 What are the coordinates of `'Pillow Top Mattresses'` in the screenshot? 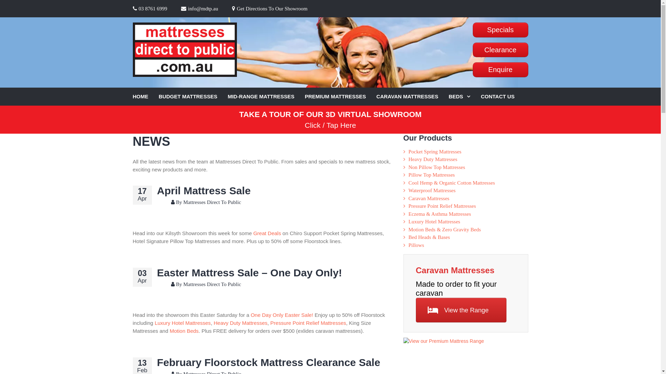 It's located at (431, 175).